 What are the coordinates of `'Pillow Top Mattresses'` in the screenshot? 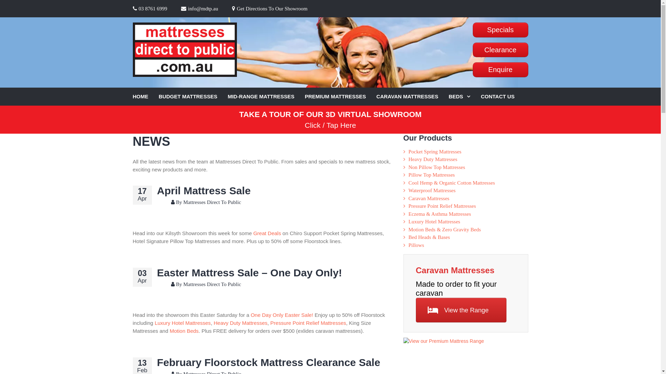 It's located at (431, 175).